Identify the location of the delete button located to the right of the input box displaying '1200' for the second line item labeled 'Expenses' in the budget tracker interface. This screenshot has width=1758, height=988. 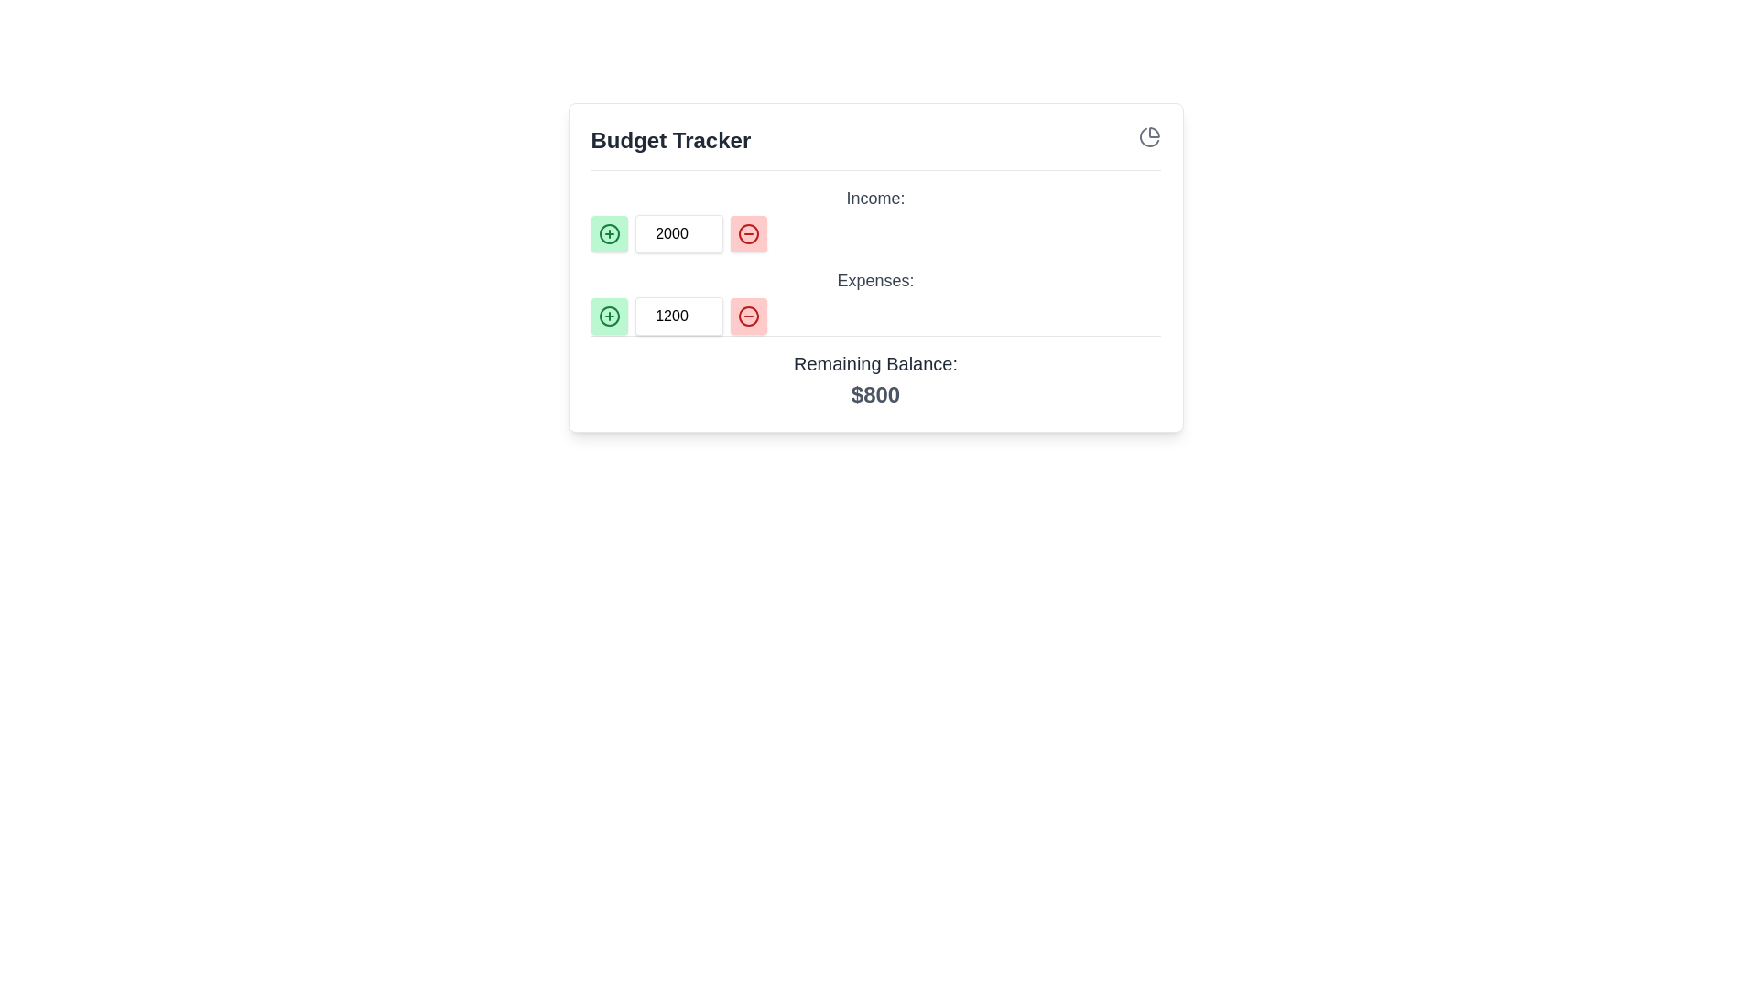
(748, 316).